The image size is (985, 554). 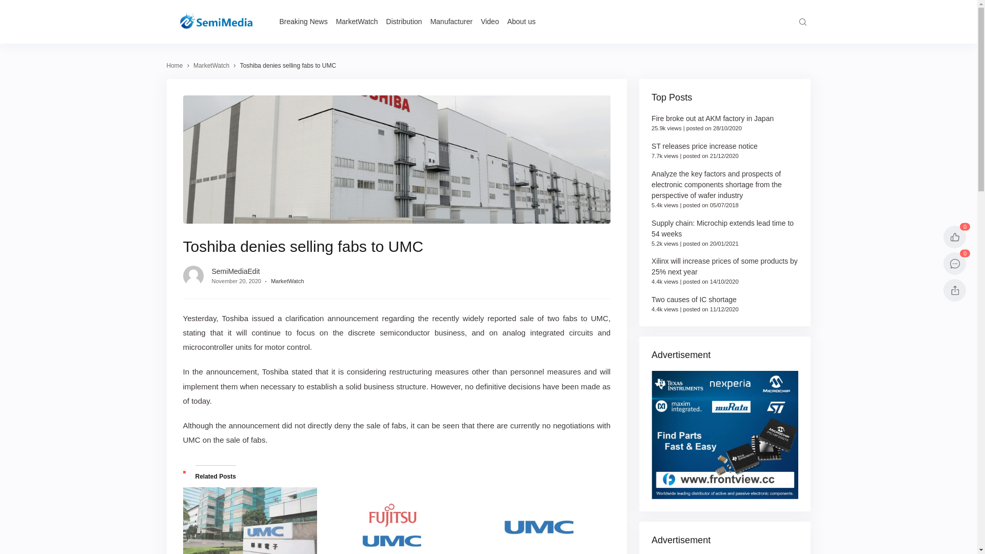 What do you see at coordinates (279, 22) in the screenshot?
I see `'Breaking News'` at bounding box center [279, 22].